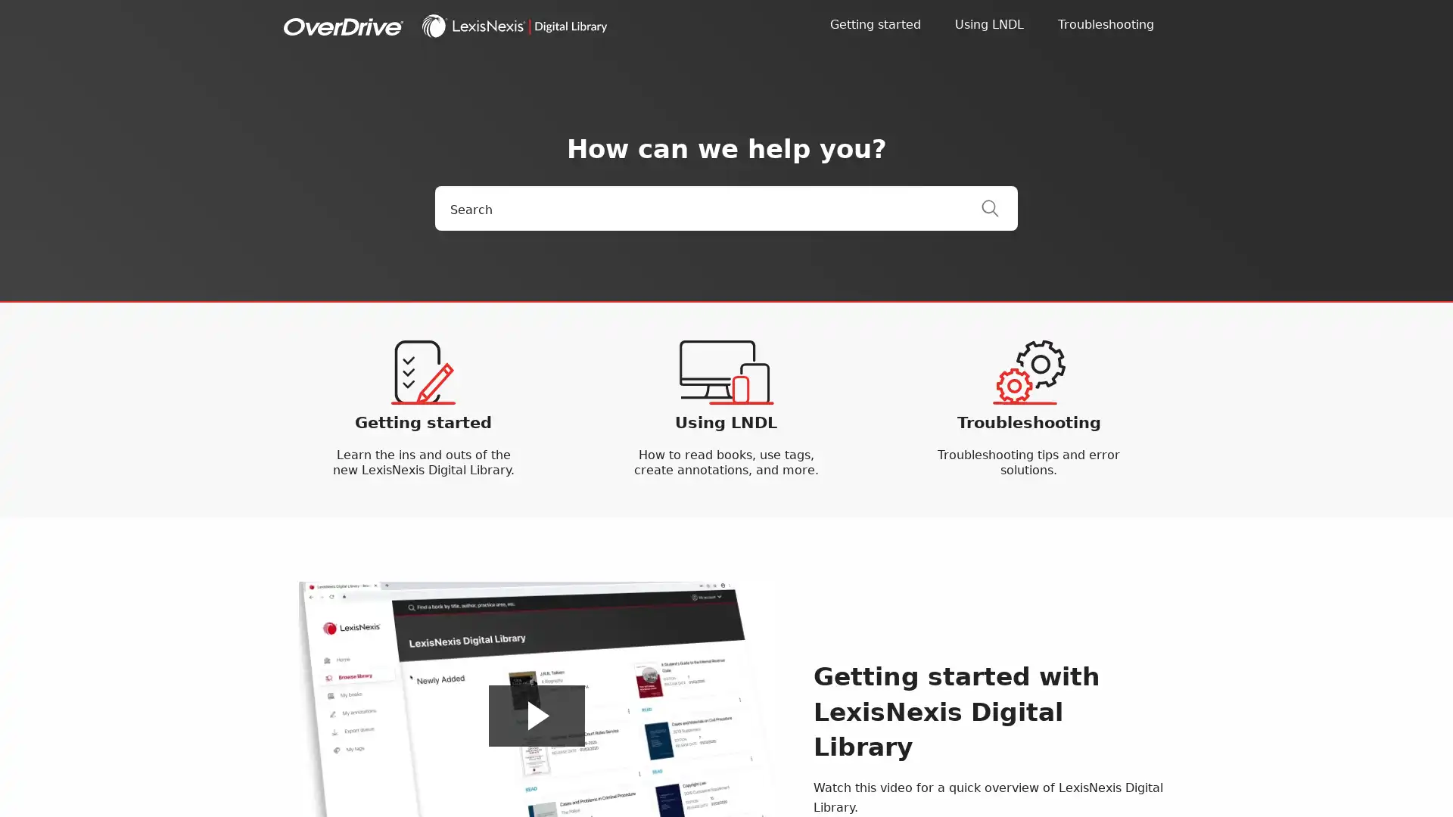 Image resolution: width=1453 pixels, height=817 pixels. What do you see at coordinates (537, 715) in the screenshot?
I see `Play` at bounding box center [537, 715].